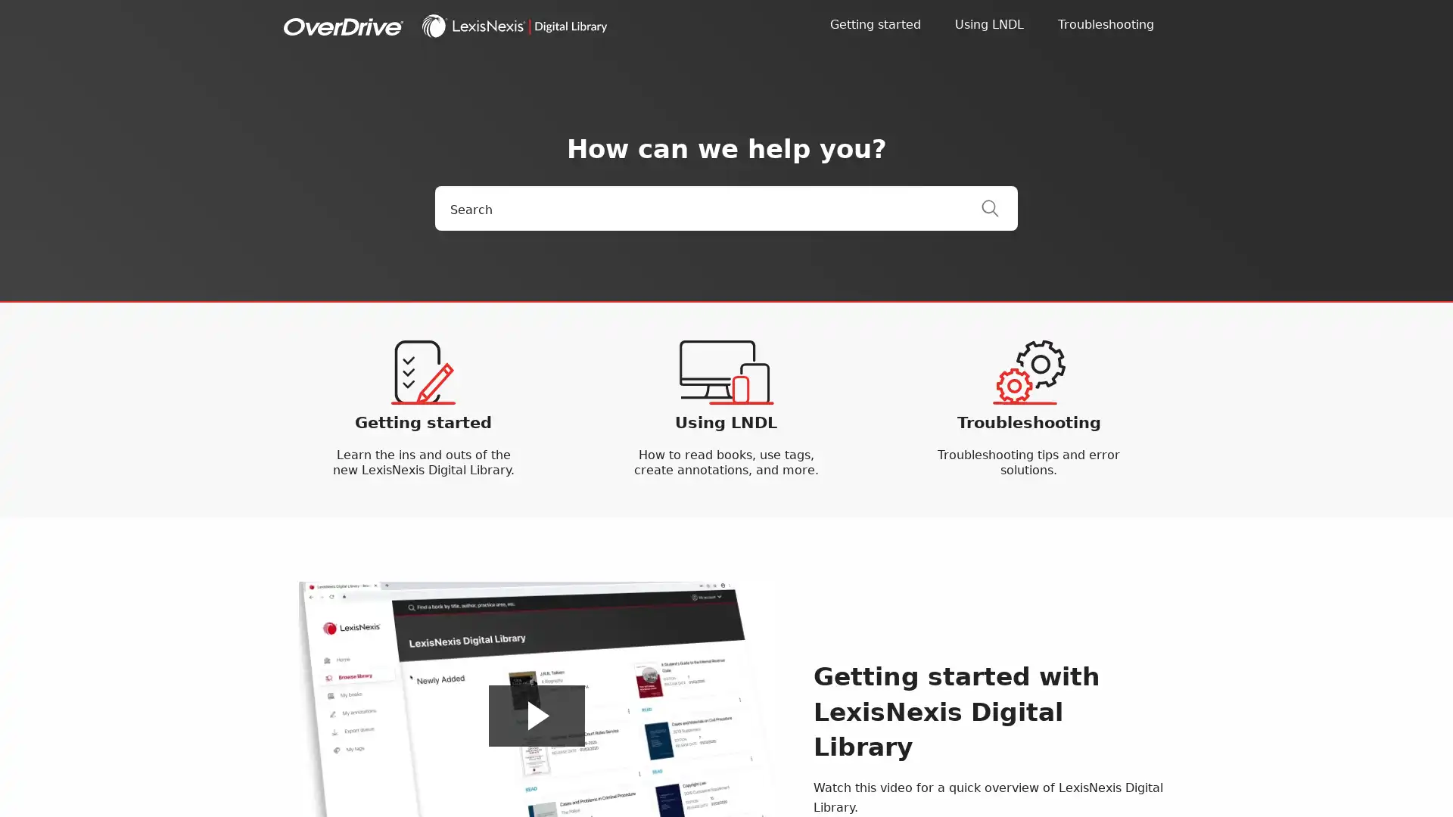 Image resolution: width=1453 pixels, height=817 pixels. What do you see at coordinates (537, 715) in the screenshot?
I see `Play` at bounding box center [537, 715].